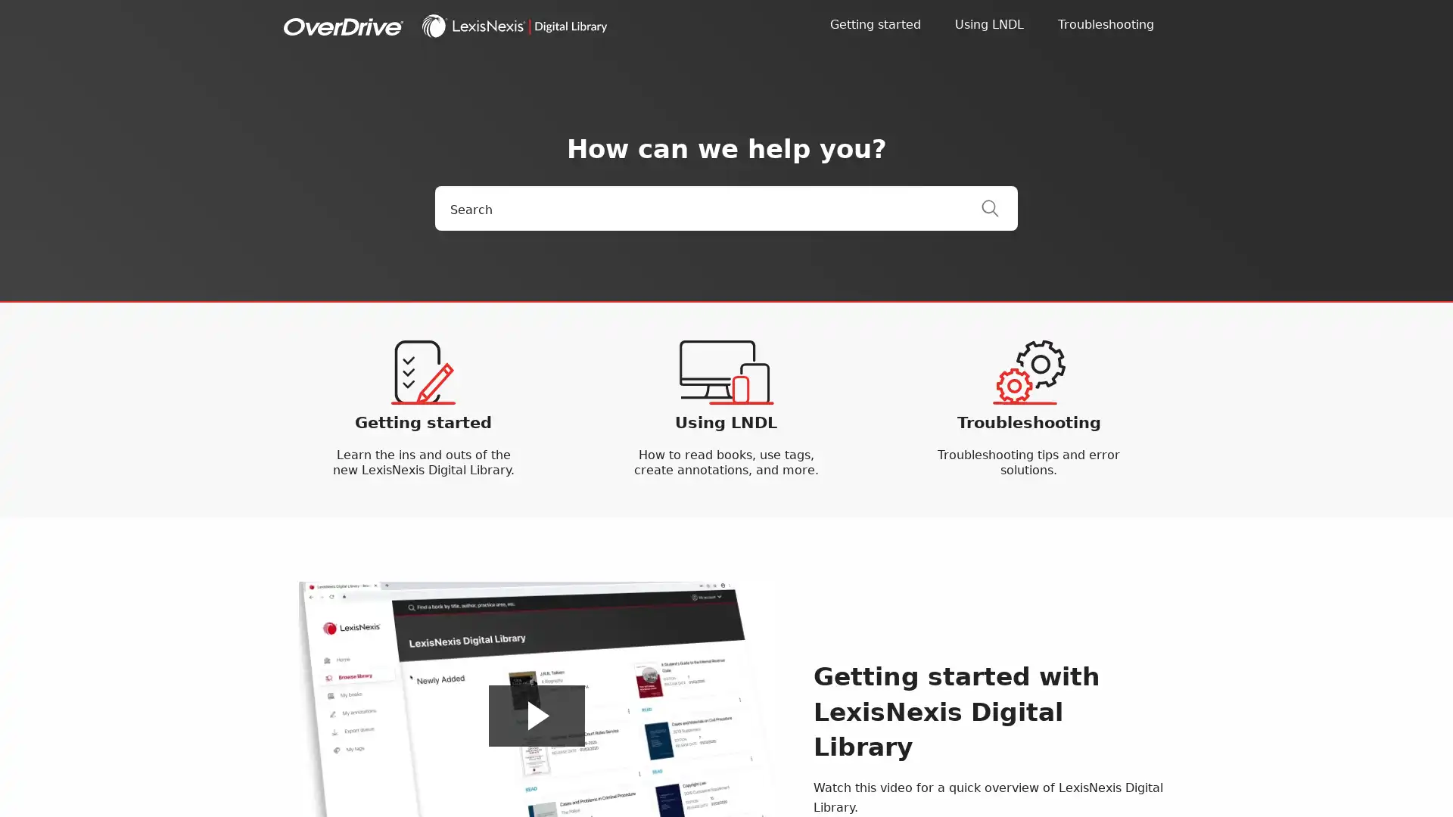 Image resolution: width=1453 pixels, height=817 pixels. What do you see at coordinates (537, 715) in the screenshot?
I see `Play` at bounding box center [537, 715].